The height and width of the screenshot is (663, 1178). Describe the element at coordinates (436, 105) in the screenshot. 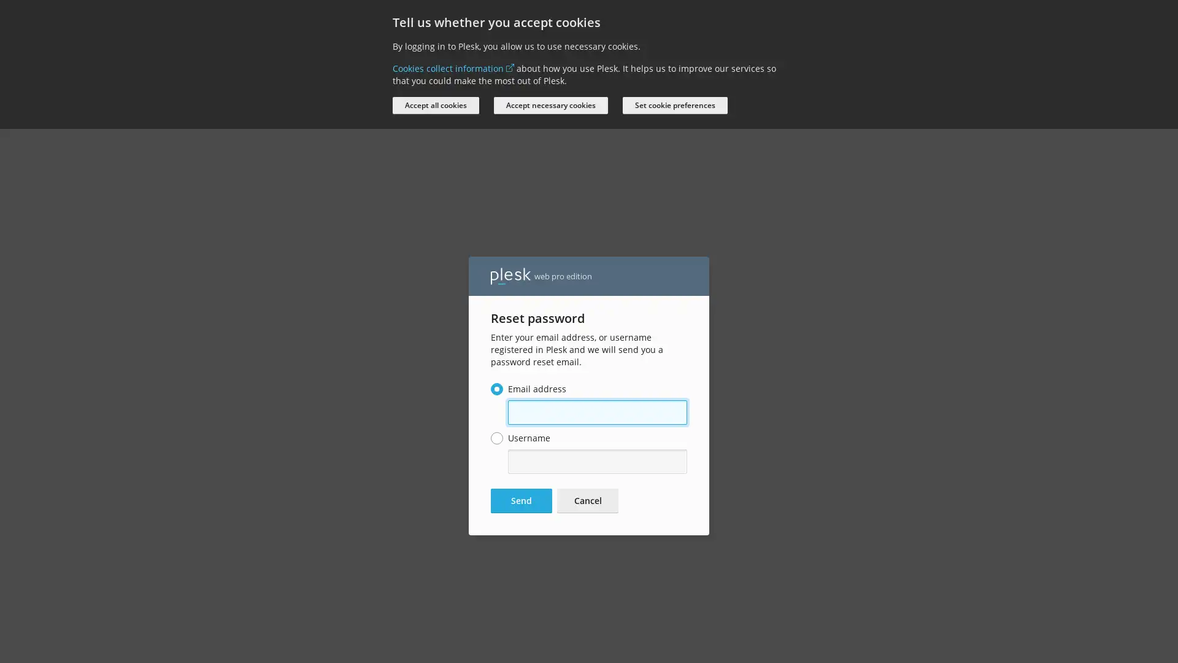

I see `Accept all cookies` at that location.